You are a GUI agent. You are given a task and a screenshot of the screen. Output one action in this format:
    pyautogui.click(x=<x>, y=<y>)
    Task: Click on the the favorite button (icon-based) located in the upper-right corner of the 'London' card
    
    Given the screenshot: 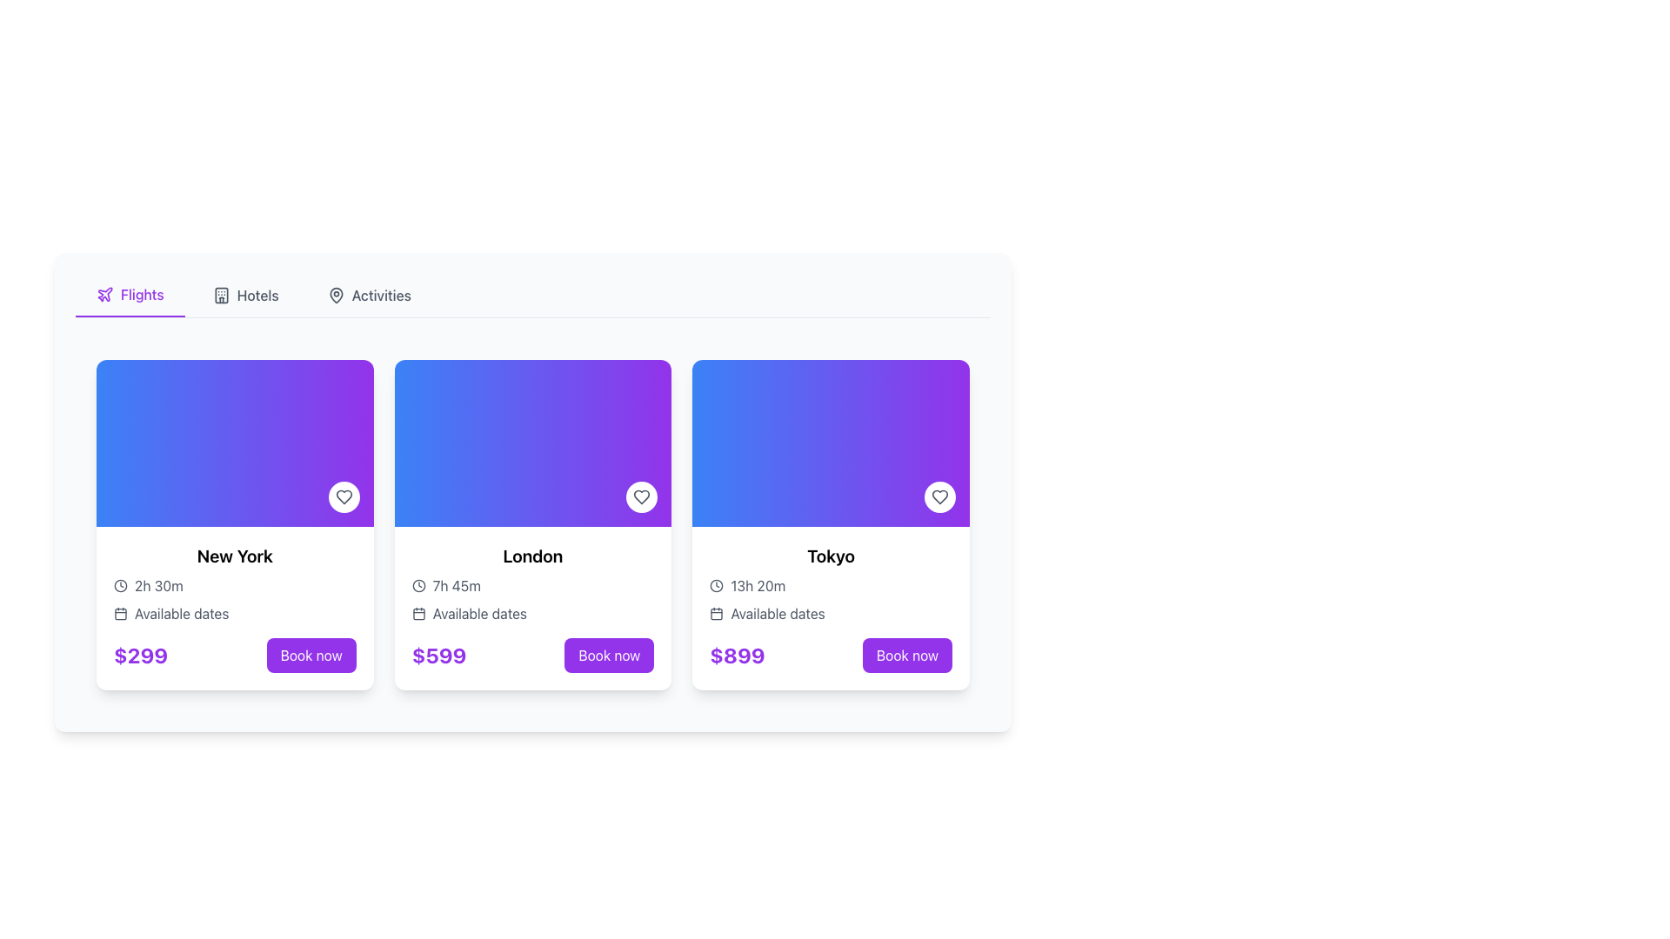 What is the action you would take?
    pyautogui.click(x=641, y=496)
    